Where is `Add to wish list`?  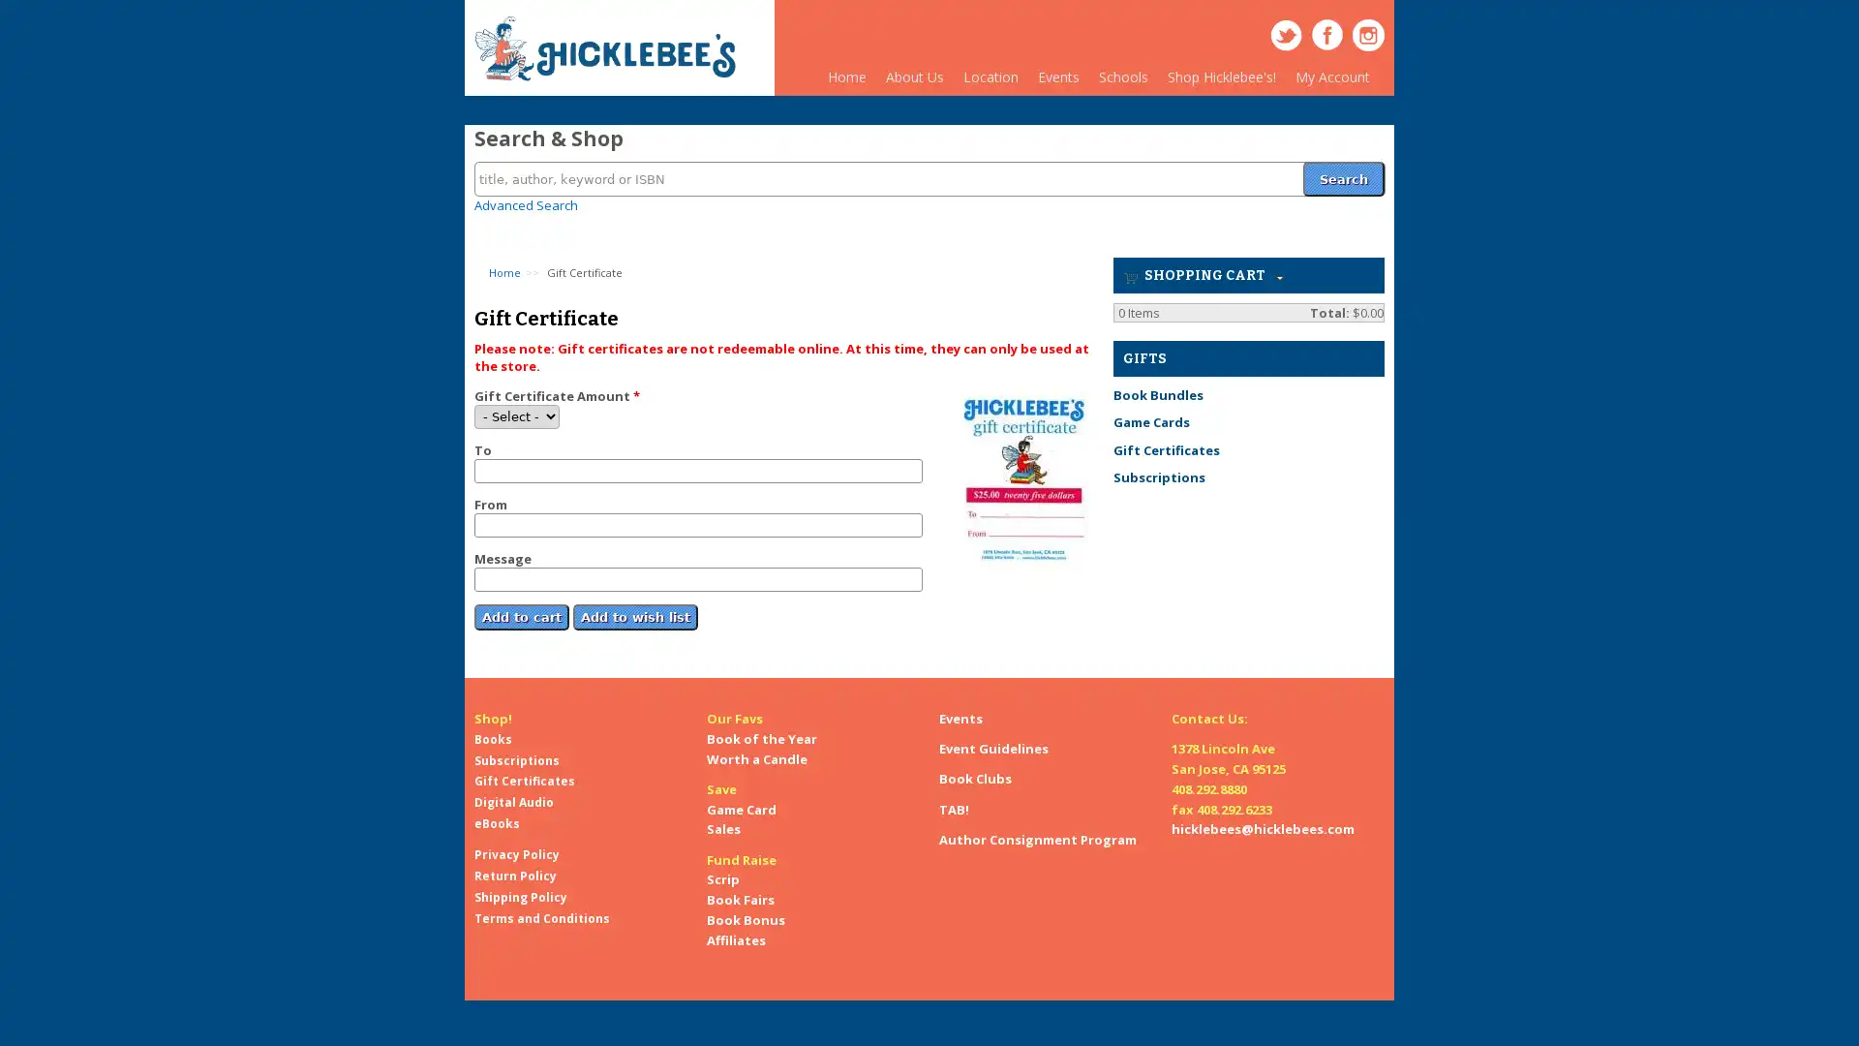
Add to wish list is located at coordinates (635, 604).